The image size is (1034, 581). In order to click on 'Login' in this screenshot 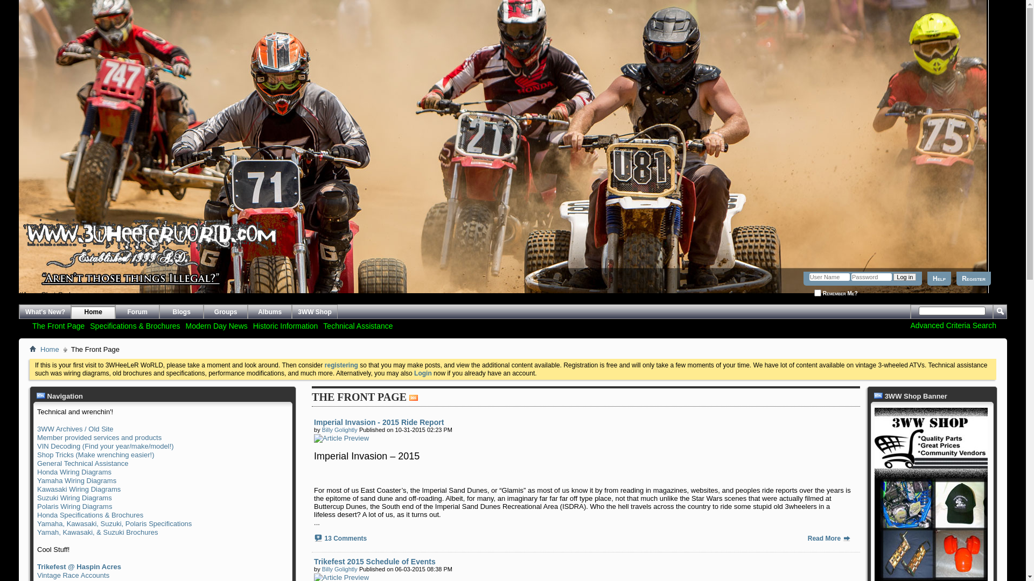, I will do `click(422, 373)`.